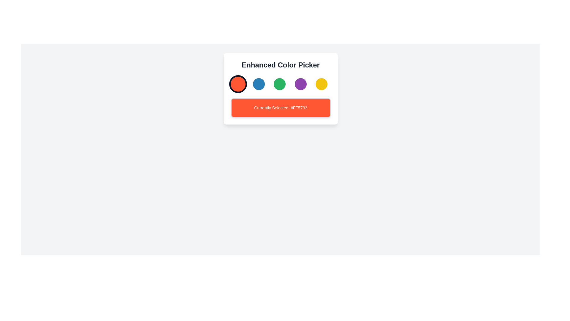 This screenshot has height=321, width=570. What do you see at coordinates (321, 84) in the screenshot?
I see `the last circular button with a yellow fill color in the color selection palette` at bounding box center [321, 84].